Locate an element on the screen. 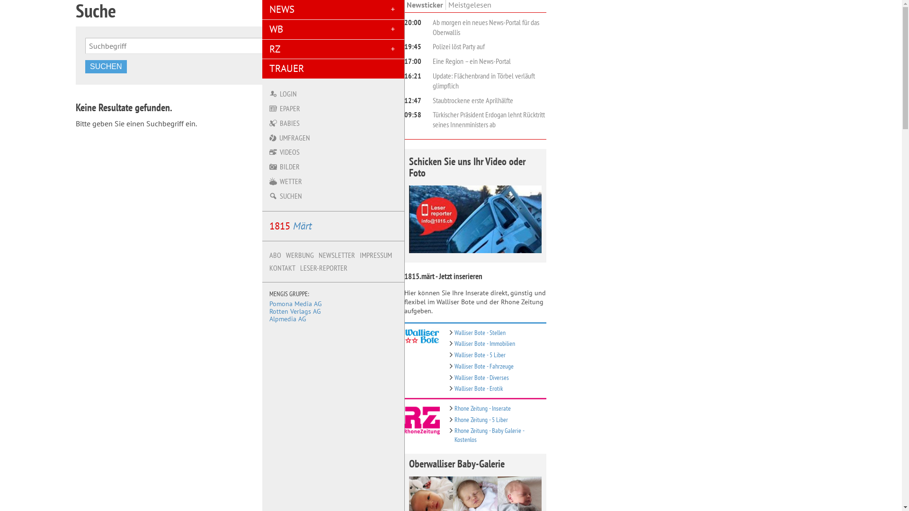 The image size is (909, 511). 'Walliser Bote - 5 Liber' is located at coordinates (454, 354).